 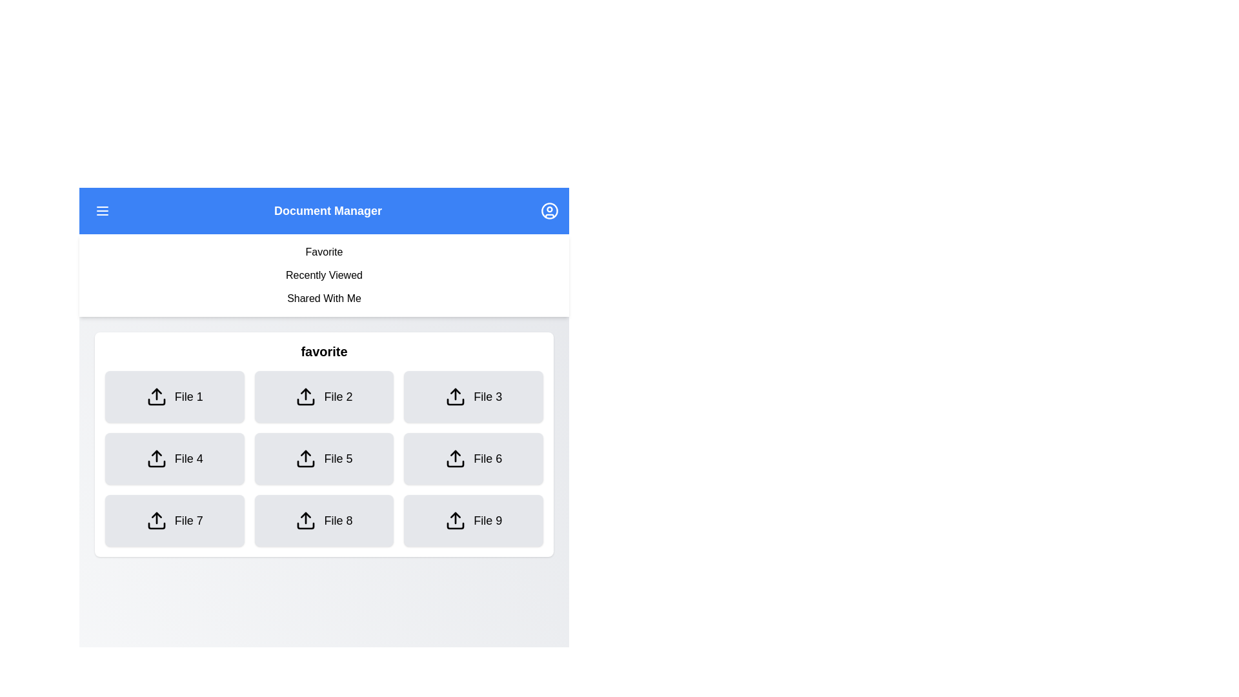 What do you see at coordinates (324, 275) in the screenshot?
I see `the tab option Recently Viewed by clicking on it` at bounding box center [324, 275].